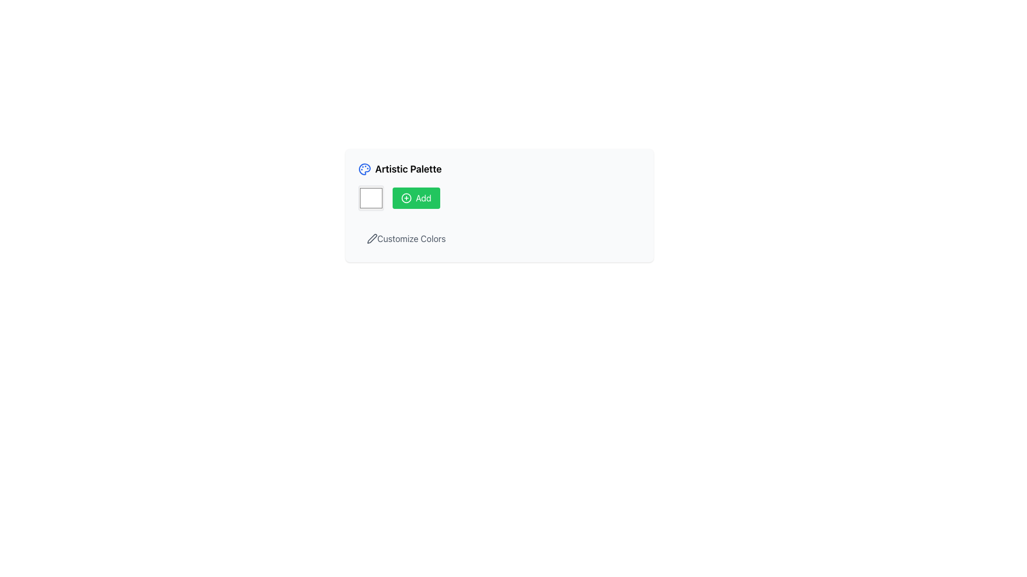 Image resolution: width=1027 pixels, height=577 pixels. I want to click on the circular icon with a plus symbol inside it, which is located to the left of the text 'Add' within the green rectangular button labeled 'Add', so click(405, 198).